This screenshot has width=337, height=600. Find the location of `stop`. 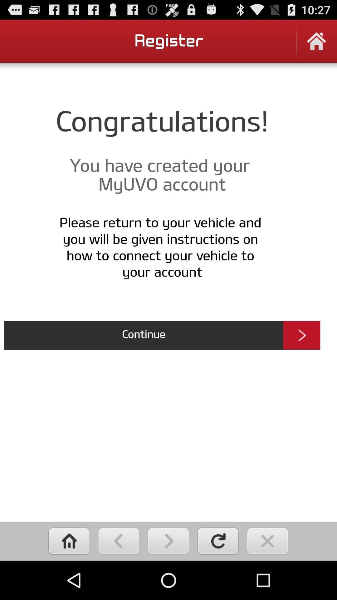

stop is located at coordinates (267, 541).